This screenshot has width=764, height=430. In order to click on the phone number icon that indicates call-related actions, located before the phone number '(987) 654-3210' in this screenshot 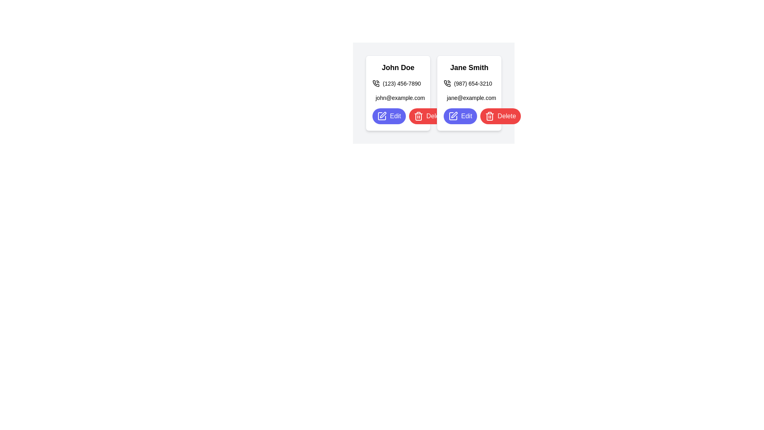, I will do `click(447, 83)`.